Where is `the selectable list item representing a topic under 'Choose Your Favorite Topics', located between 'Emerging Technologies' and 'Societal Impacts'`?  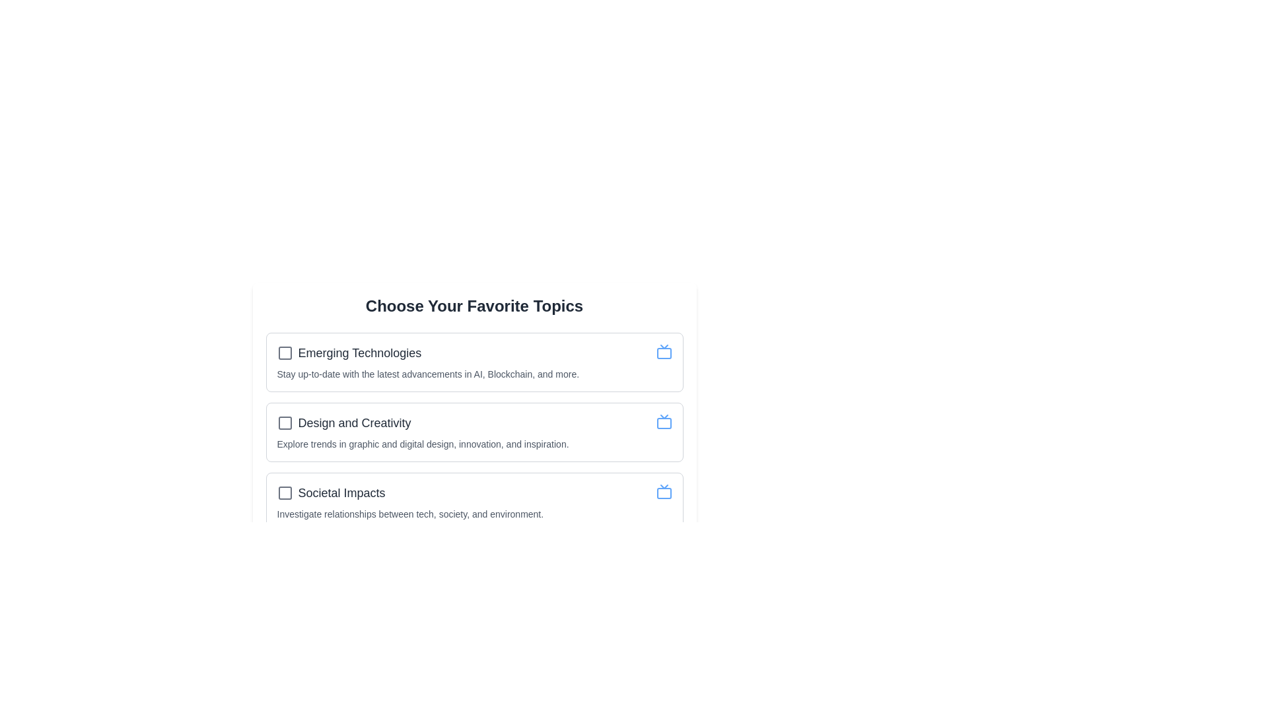
the selectable list item representing a topic under 'Choose Your Favorite Topics', located between 'Emerging Technologies' and 'Societal Impacts' is located at coordinates (474, 423).